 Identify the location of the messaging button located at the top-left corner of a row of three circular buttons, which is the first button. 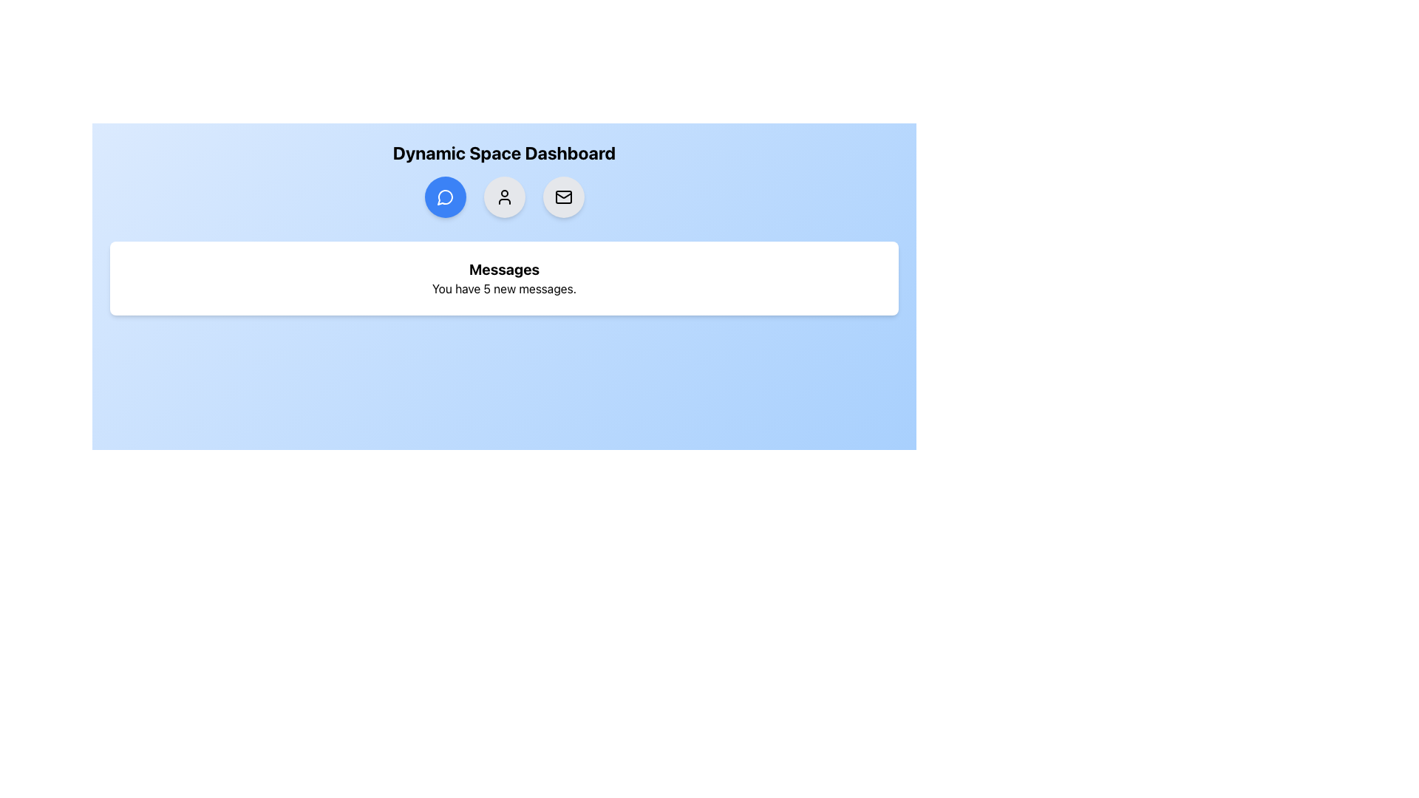
(444, 196).